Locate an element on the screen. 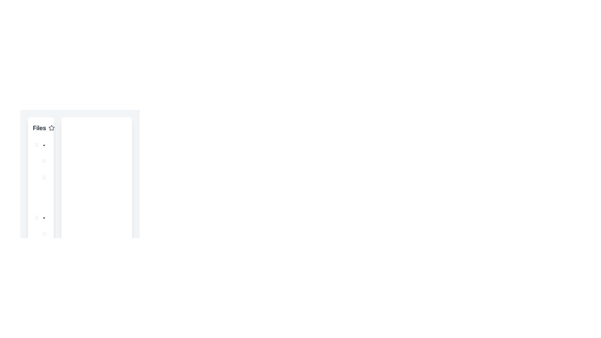 Image resolution: width=601 pixels, height=338 pixels. the star icon located is located at coordinates (51, 127).